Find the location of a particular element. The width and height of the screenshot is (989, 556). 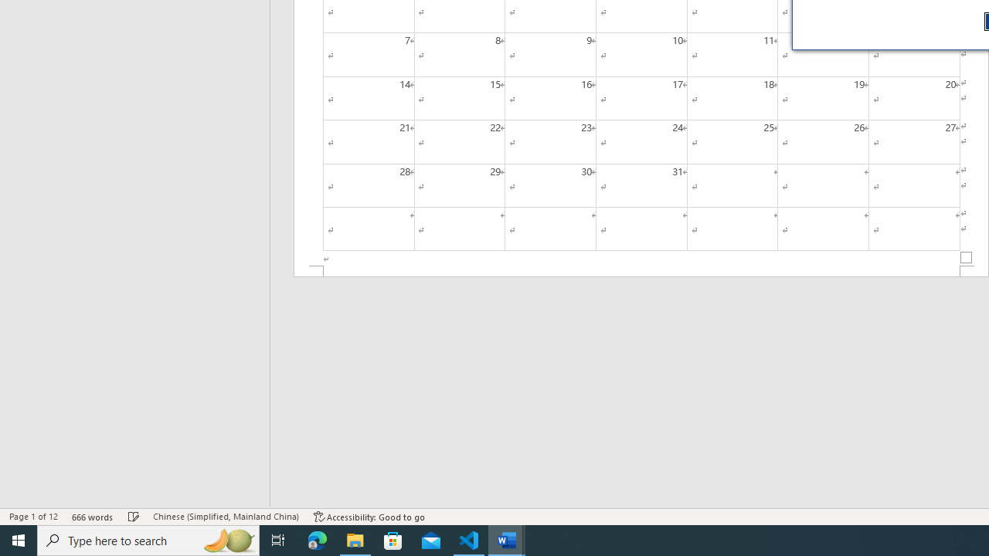

'File Explorer - 1 running window' is located at coordinates (355, 539).